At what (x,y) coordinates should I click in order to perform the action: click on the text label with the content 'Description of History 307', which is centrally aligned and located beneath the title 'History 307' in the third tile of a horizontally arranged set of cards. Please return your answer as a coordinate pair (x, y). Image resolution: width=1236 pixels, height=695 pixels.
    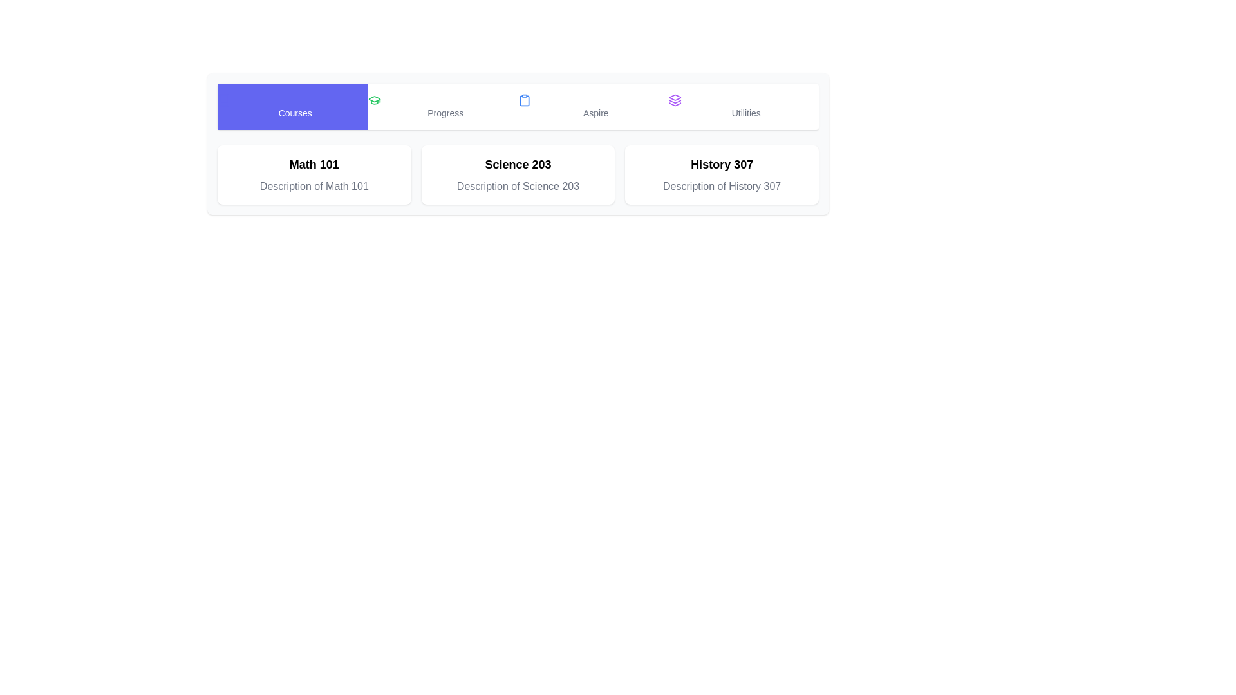
    Looking at the image, I should click on (722, 186).